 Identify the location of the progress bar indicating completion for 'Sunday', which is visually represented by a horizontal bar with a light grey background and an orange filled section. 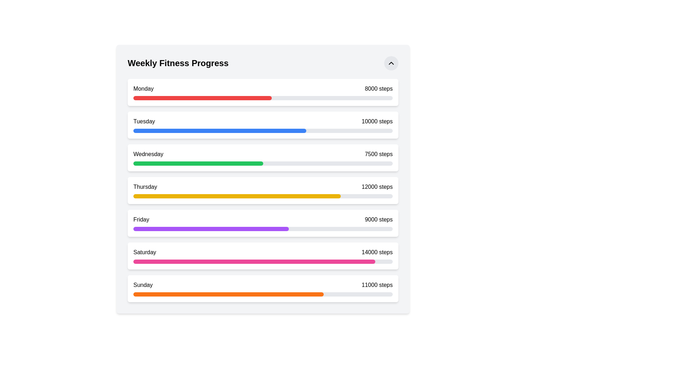
(263, 293).